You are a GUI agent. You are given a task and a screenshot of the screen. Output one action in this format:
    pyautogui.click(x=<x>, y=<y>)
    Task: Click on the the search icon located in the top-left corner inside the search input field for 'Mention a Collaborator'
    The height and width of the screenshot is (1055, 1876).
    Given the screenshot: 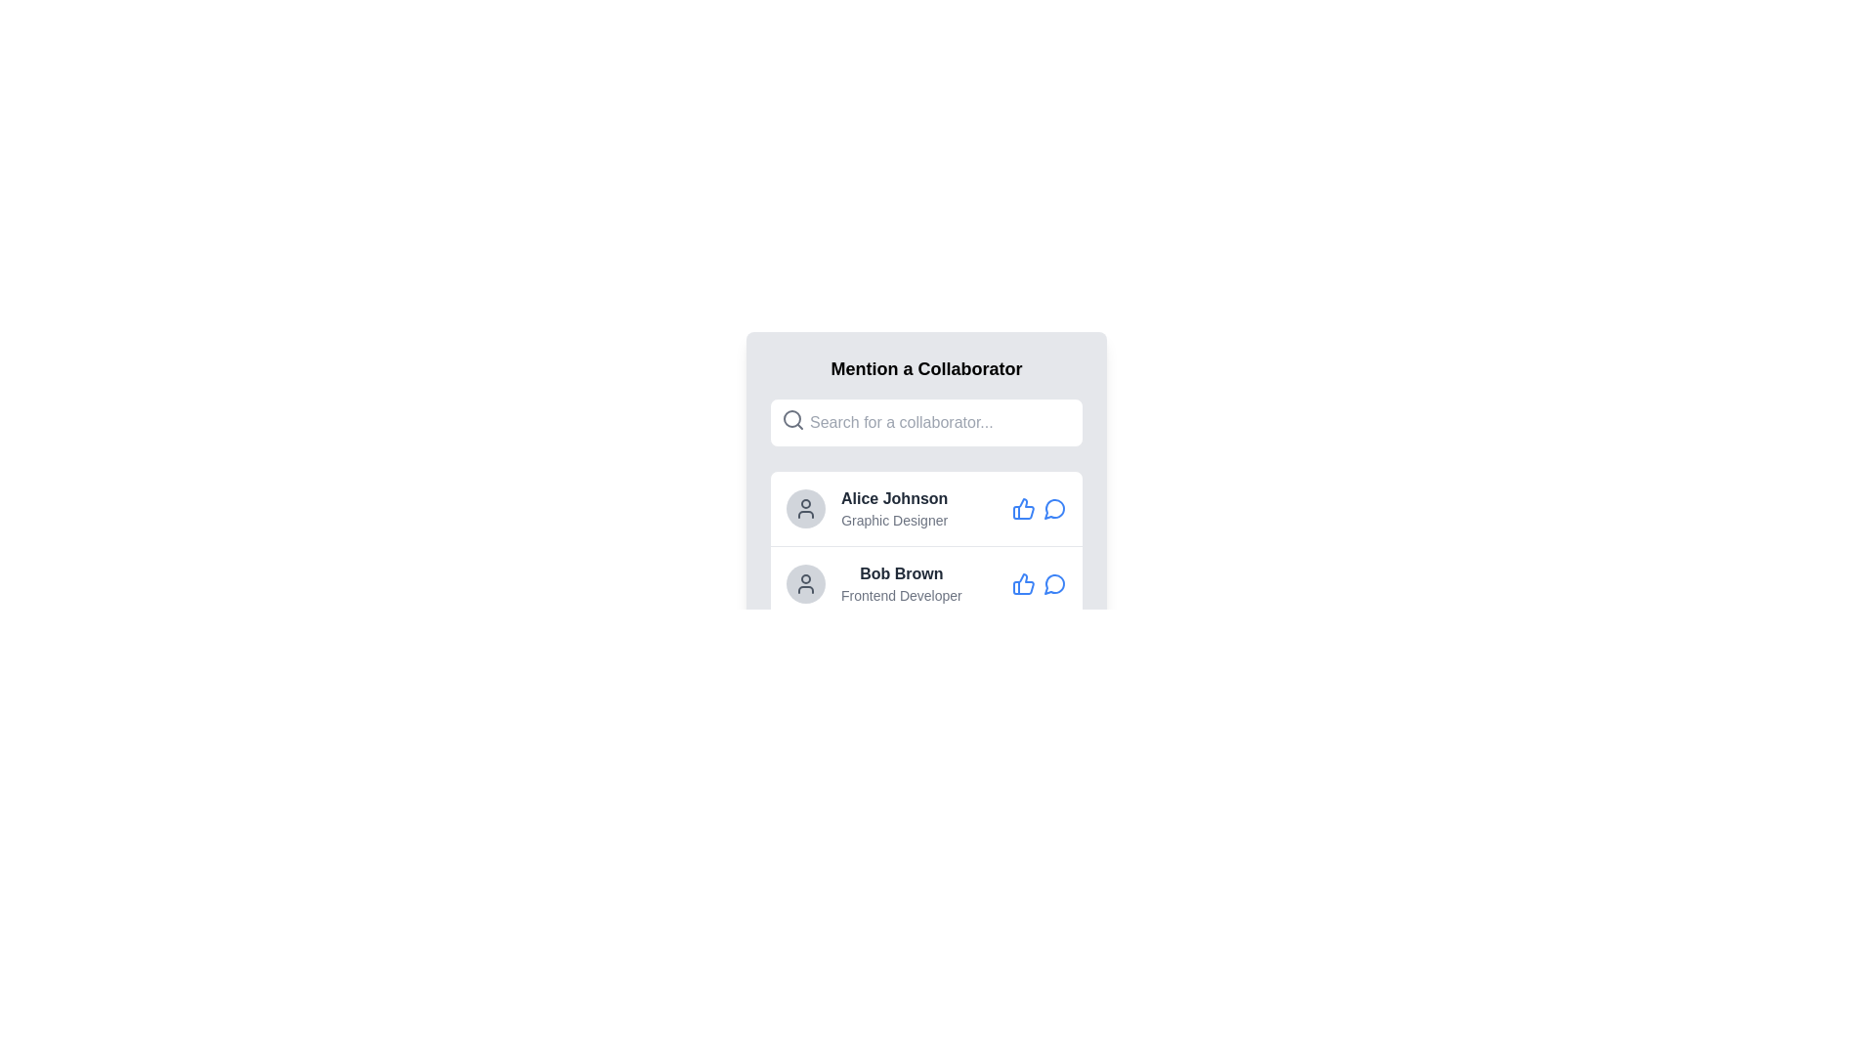 What is the action you would take?
    pyautogui.click(x=792, y=418)
    